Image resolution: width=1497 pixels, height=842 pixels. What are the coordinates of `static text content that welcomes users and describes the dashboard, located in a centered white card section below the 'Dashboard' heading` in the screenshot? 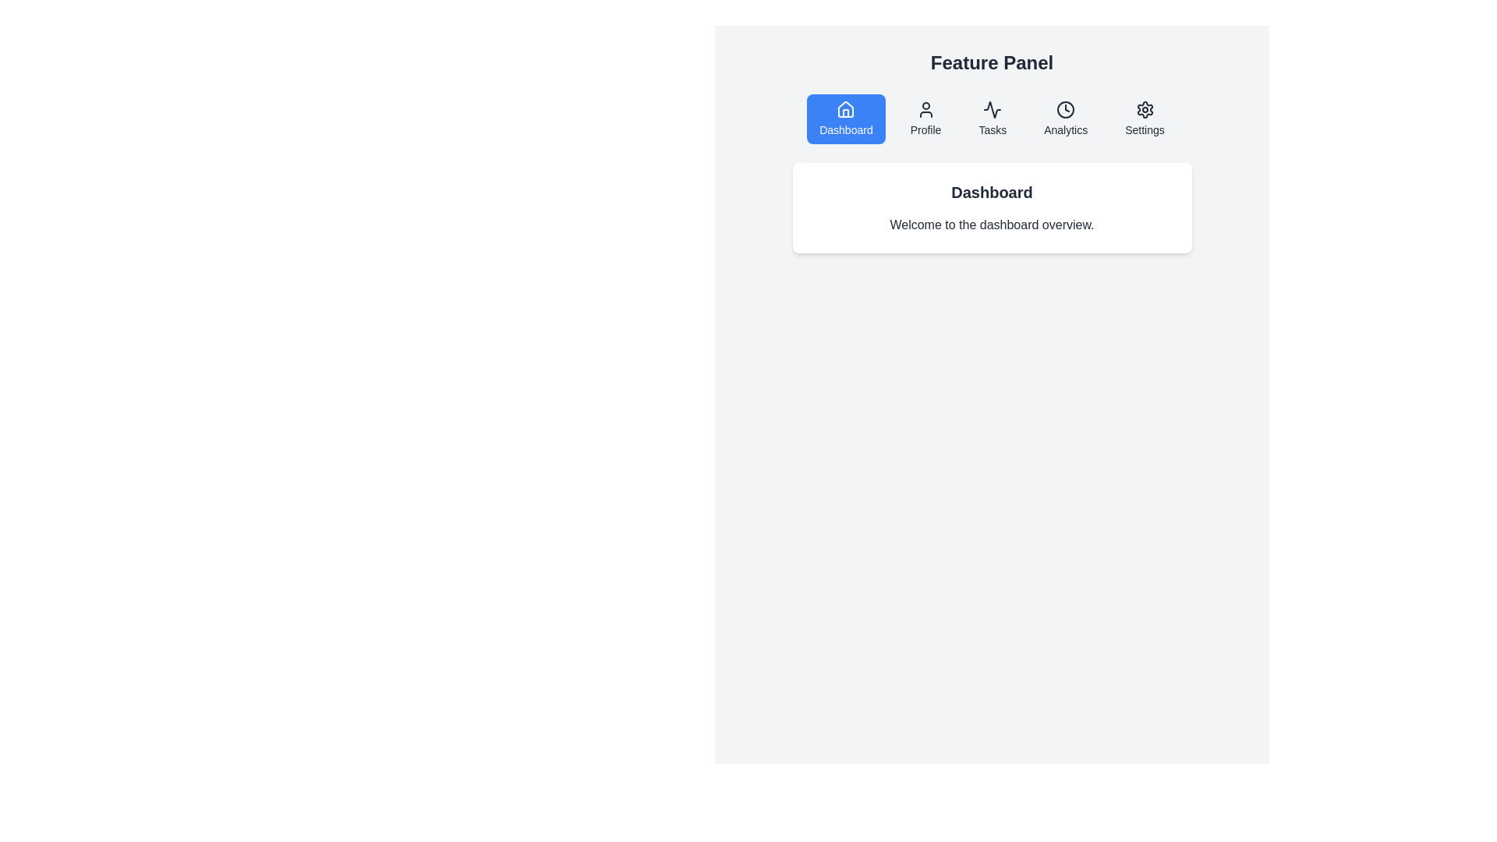 It's located at (991, 225).